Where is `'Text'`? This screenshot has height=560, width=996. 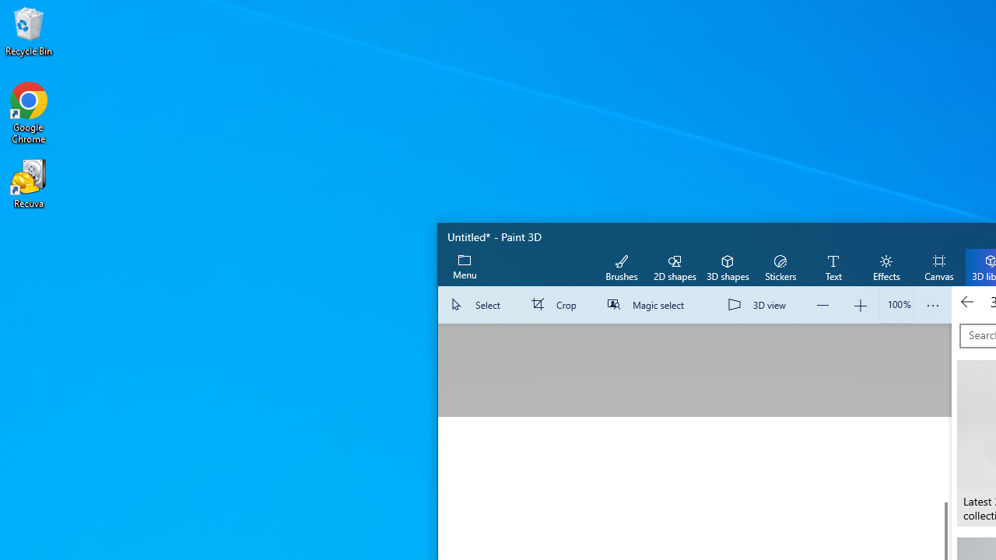 'Text' is located at coordinates (832, 266).